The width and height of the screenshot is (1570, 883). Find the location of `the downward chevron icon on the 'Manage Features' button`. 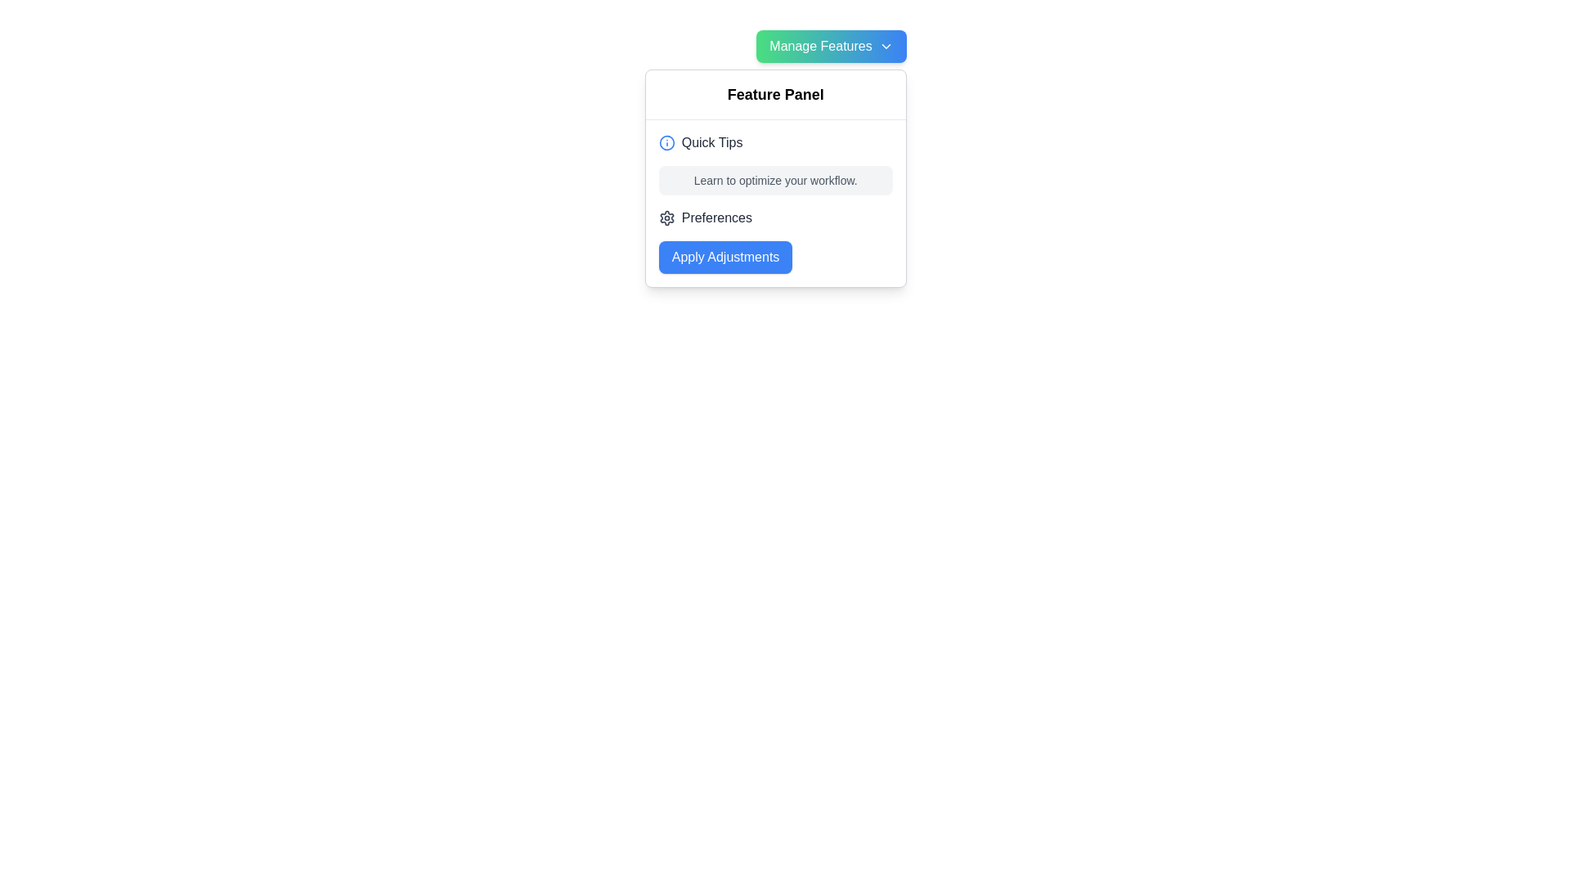

the downward chevron icon on the 'Manage Features' button is located at coordinates (885, 46).